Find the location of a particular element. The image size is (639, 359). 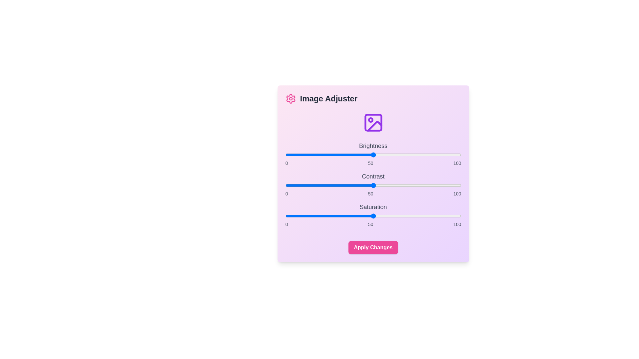

'Apply Changes' button to apply the current settings is located at coordinates (373, 247).